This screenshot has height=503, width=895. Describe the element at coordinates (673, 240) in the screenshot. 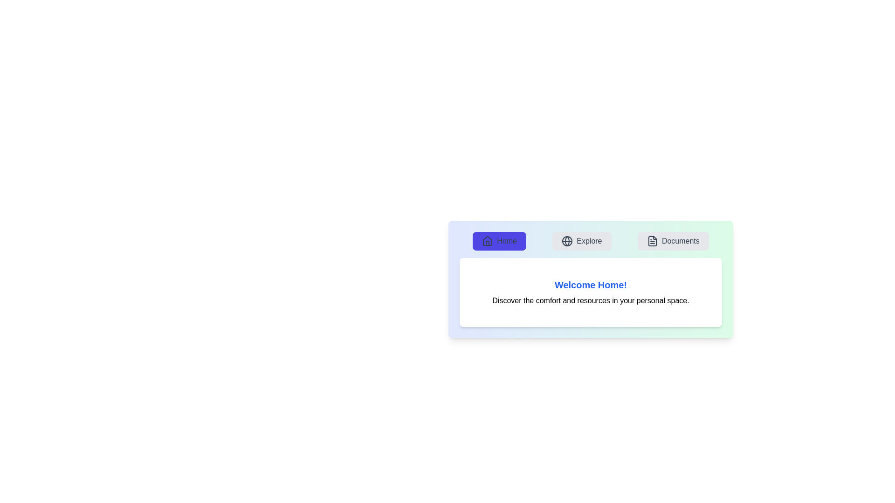

I see `the tab button labeled 'Documents' to observe the visual feedback` at that location.